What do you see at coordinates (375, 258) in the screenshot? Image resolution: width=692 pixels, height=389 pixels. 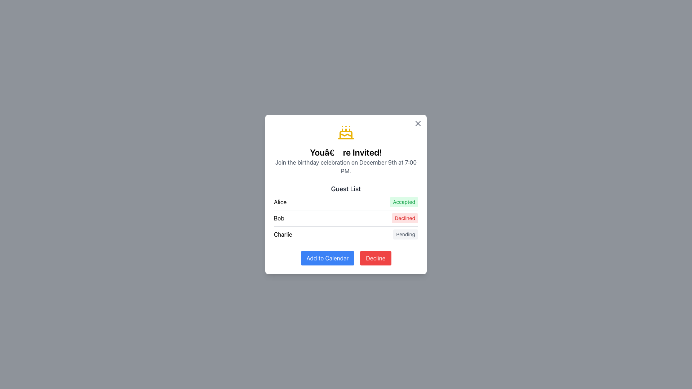 I see `the red 'Decline' button with white text located at the bottom-right corner of the modal to reject the option` at bounding box center [375, 258].